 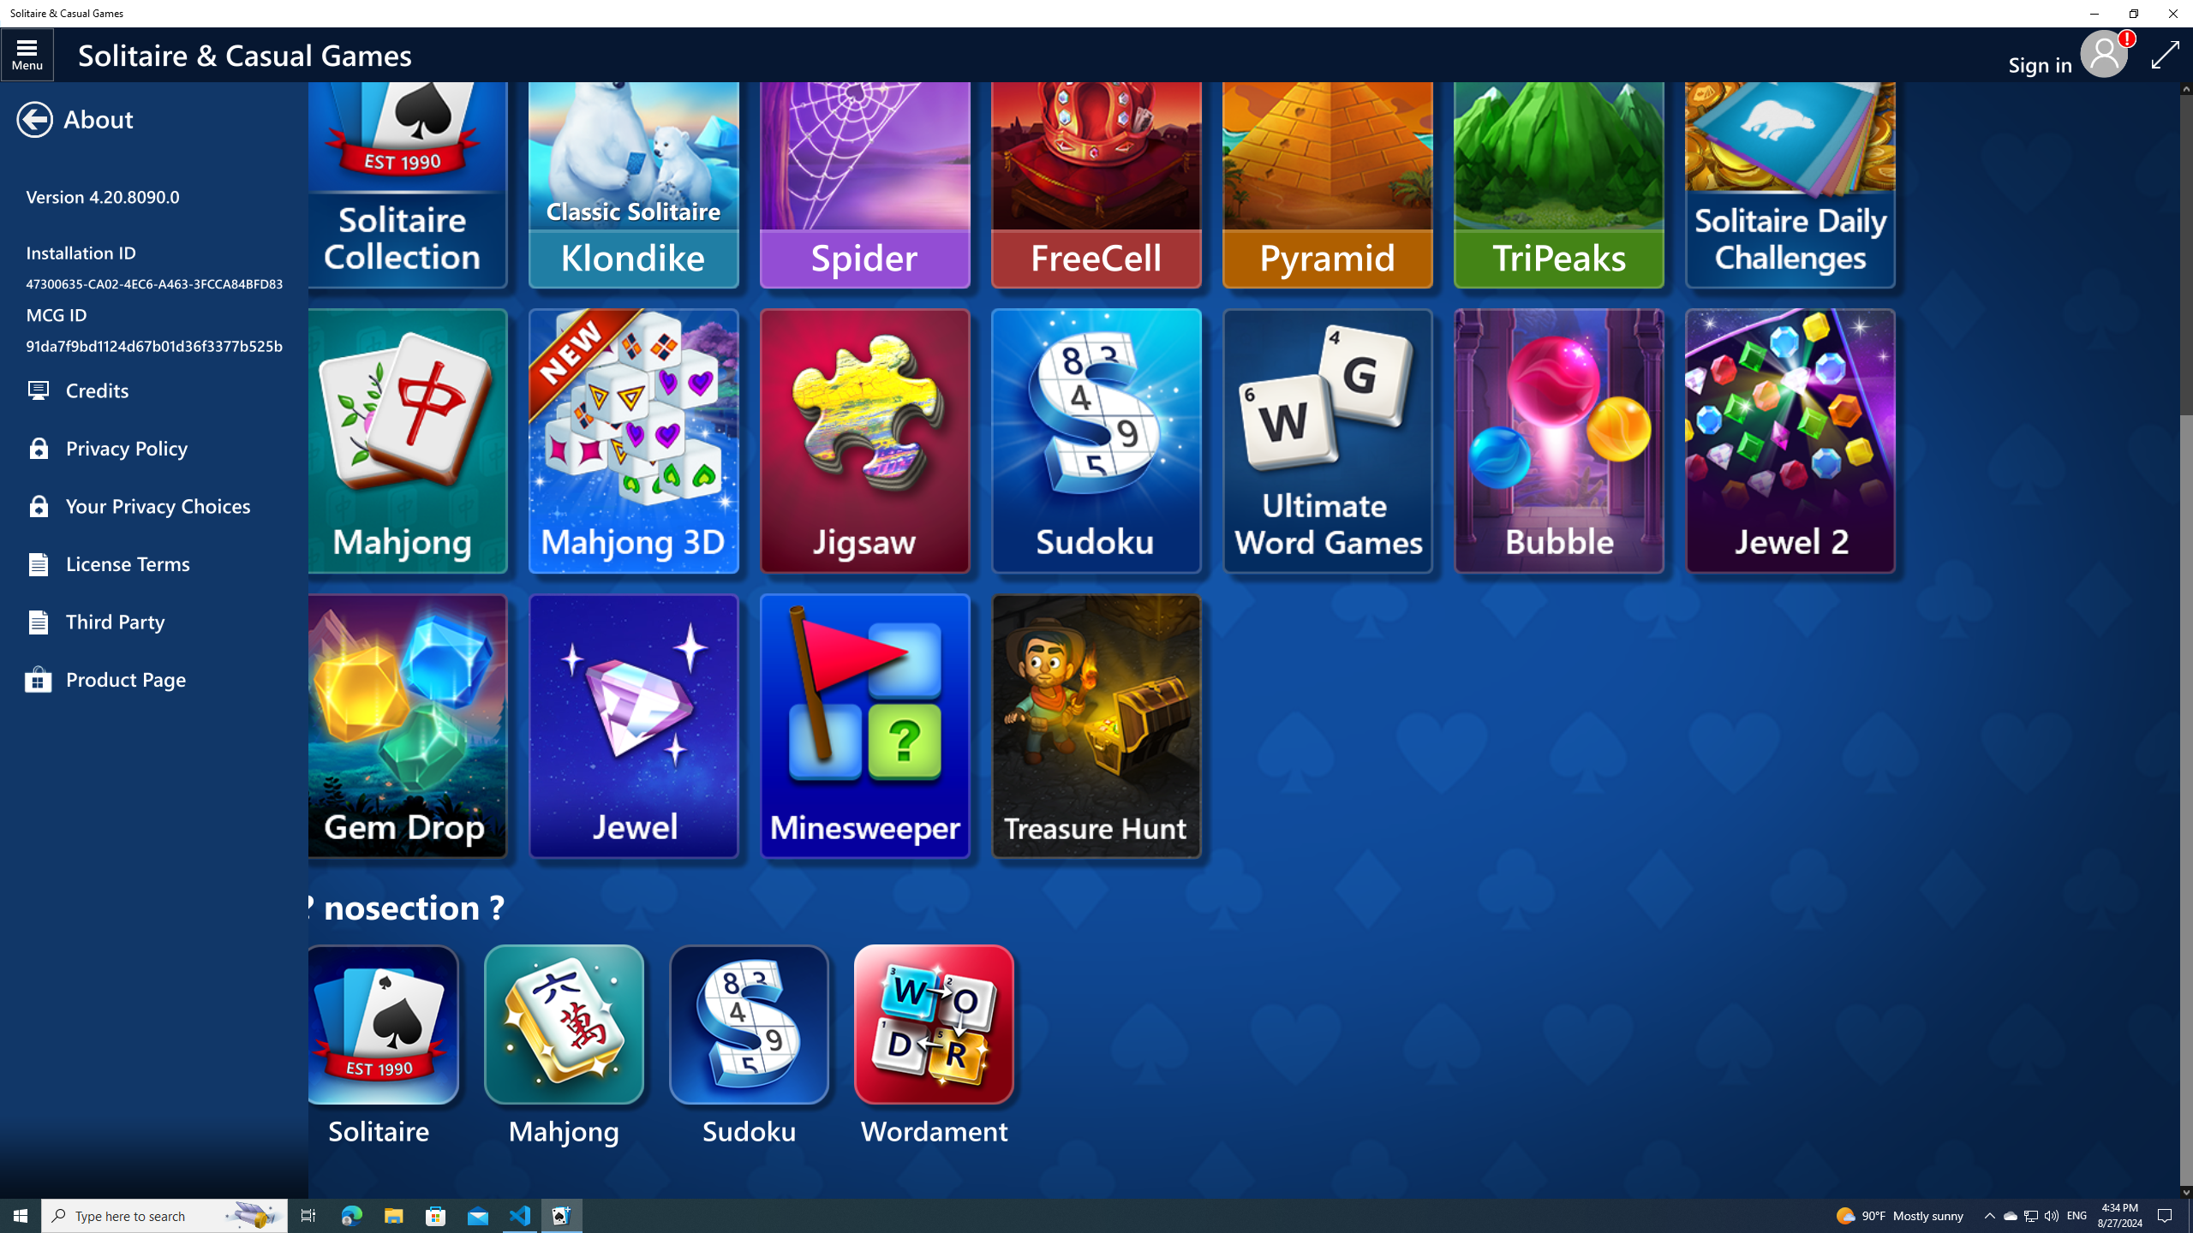 I want to click on 'Wordament', so click(x=935, y=1046).